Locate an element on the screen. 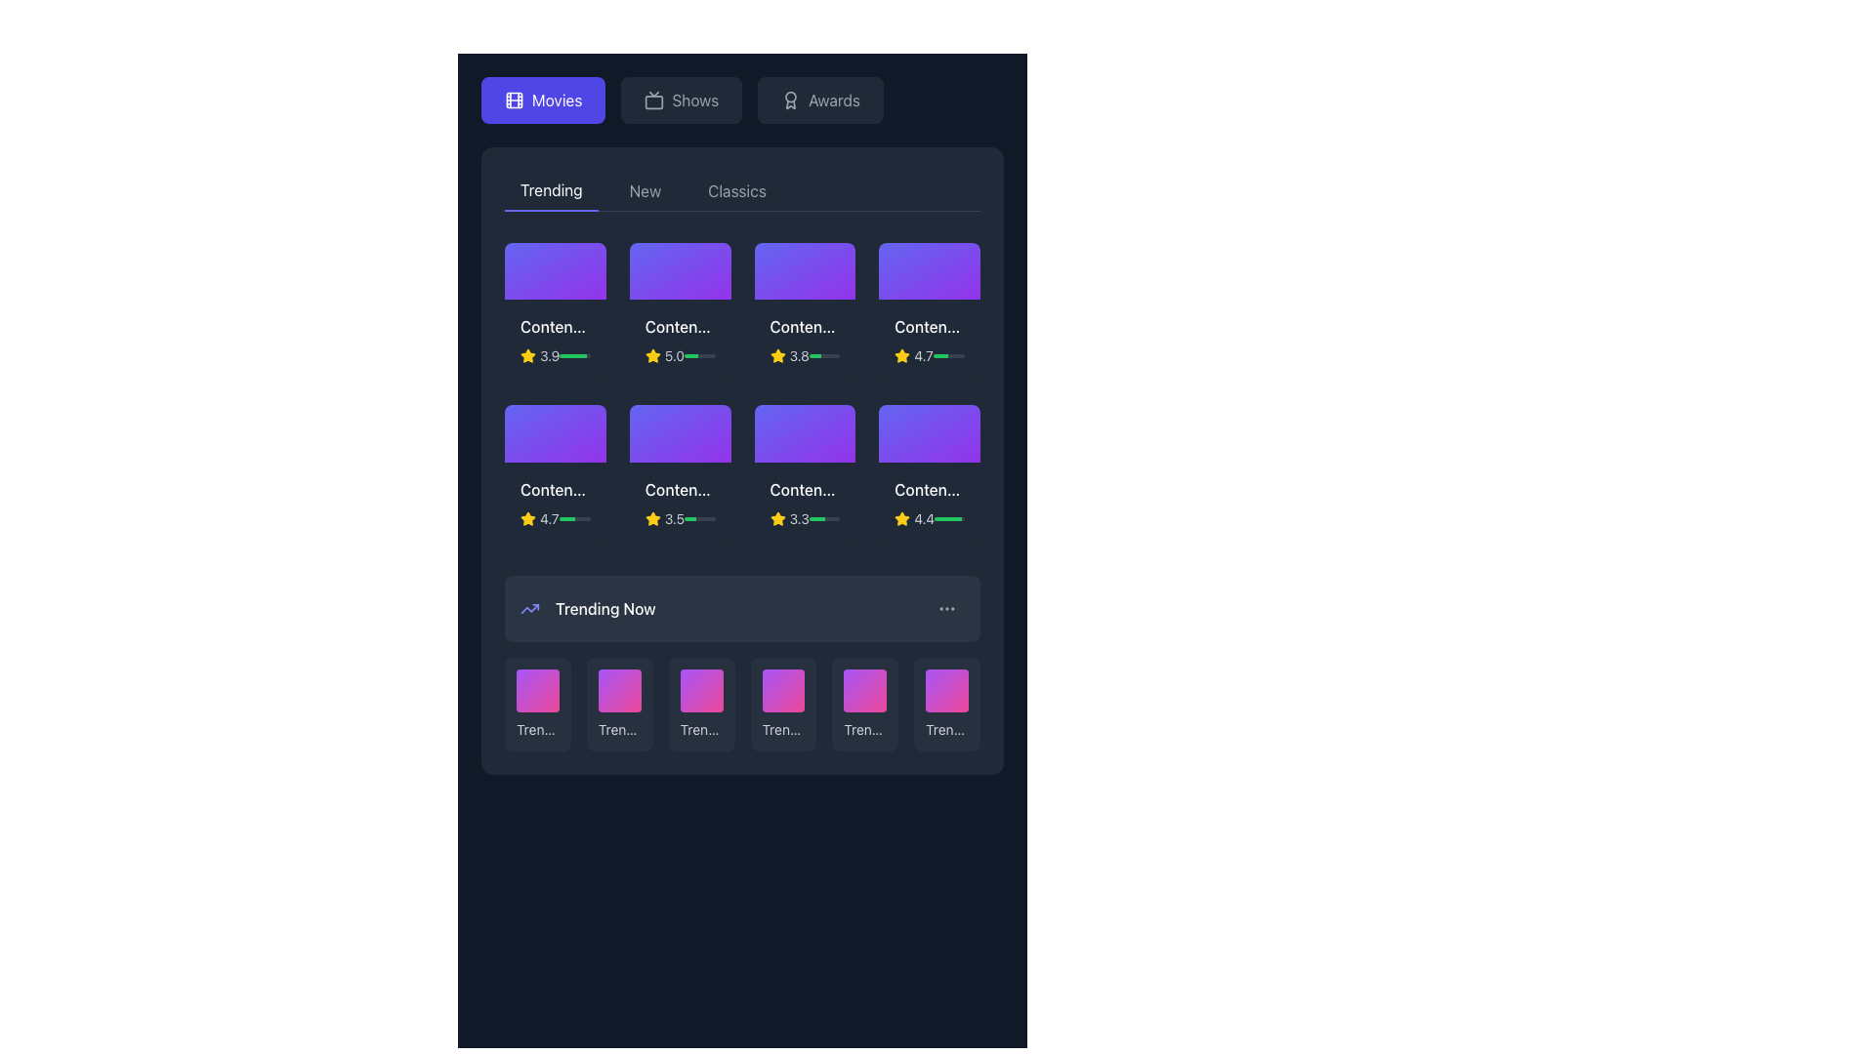 The image size is (1875, 1054). the components of the Content card section, which features a title with truncated text 'Conten...', a yellow star rating icon, and a numerical rating '3.5' in the second row and third column of the grid layout is located at coordinates (680, 502).